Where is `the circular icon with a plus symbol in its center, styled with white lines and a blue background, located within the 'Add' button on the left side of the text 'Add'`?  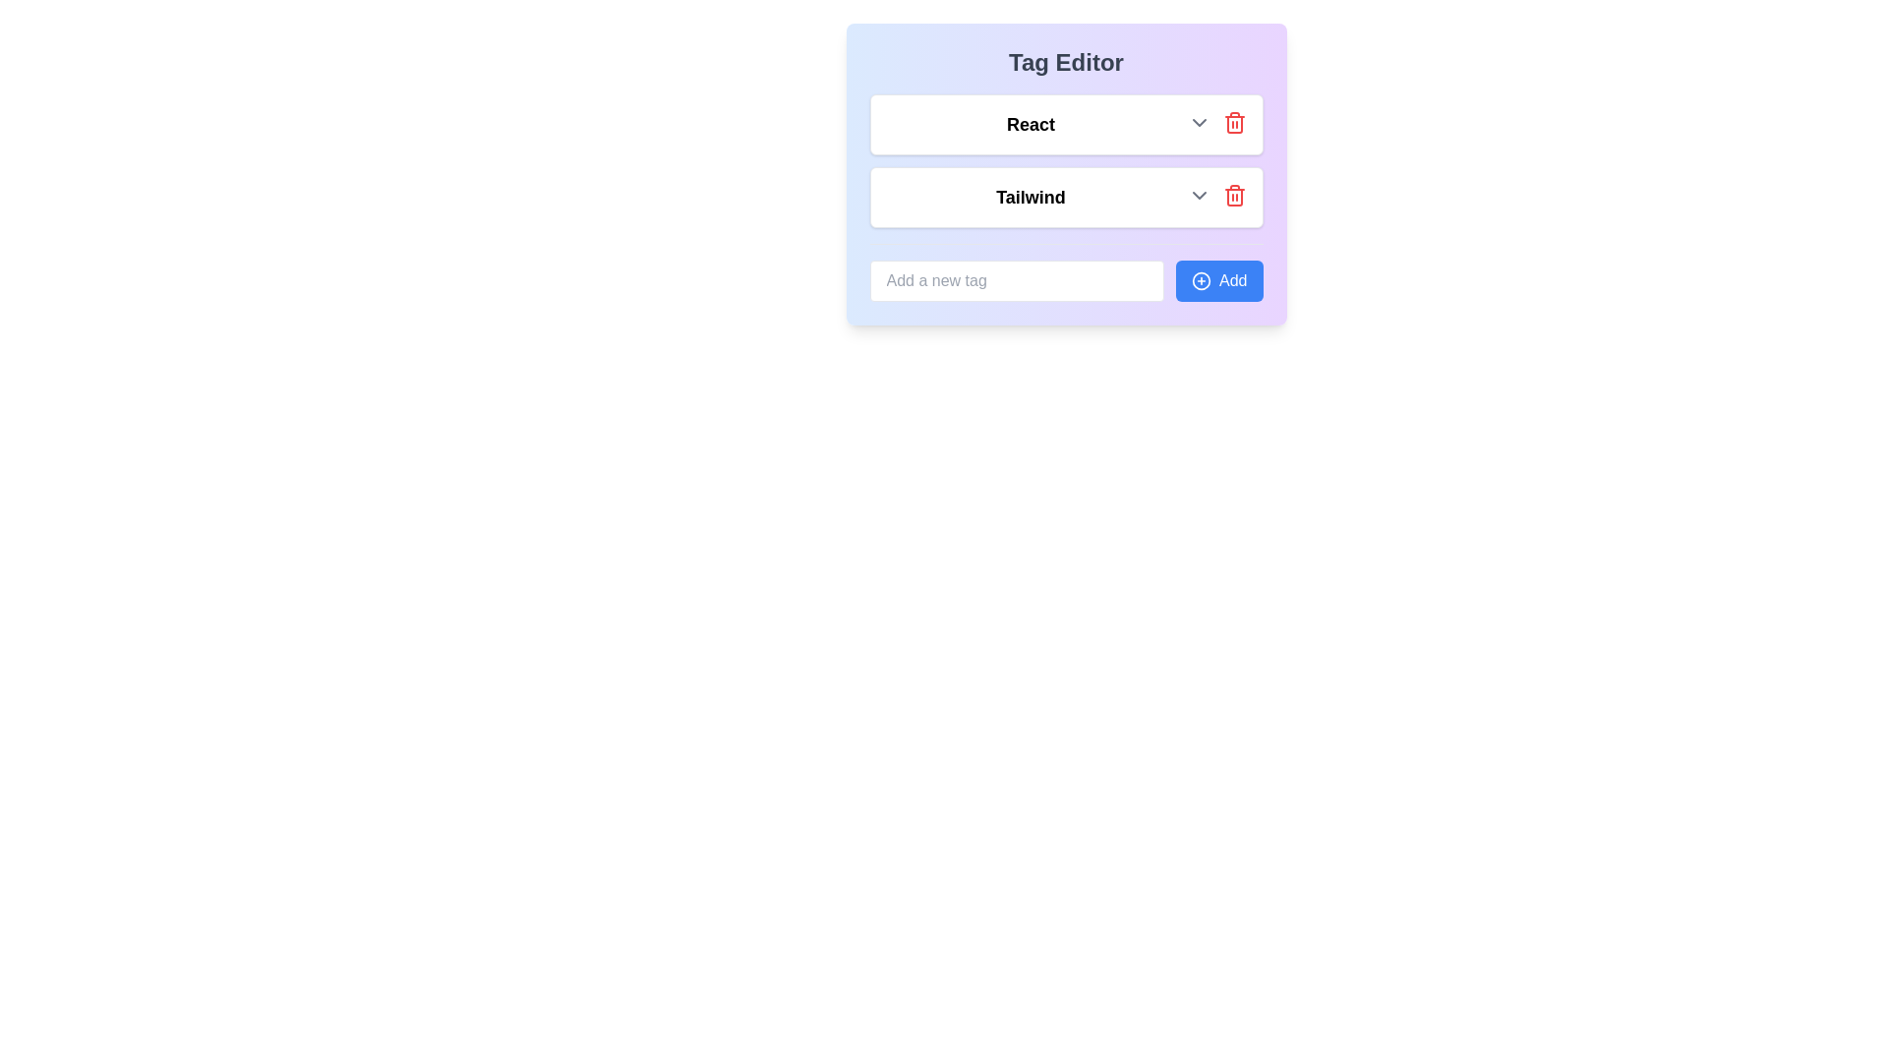
the circular icon with a plus symbol in its center, styled with white lines and a blue background, located within the 'Add' button on the left side of the text 'Add' is located at coordinates (1201, 280).